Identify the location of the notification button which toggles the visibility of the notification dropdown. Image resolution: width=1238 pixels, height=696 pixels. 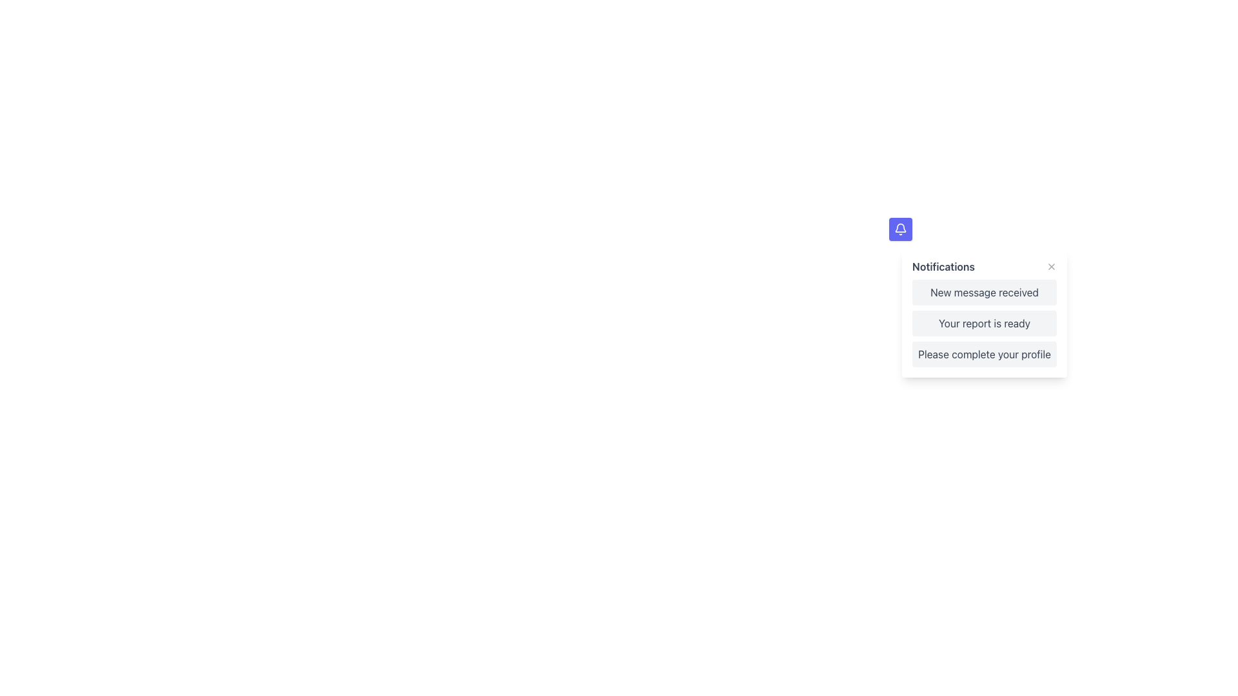
(899, 228).